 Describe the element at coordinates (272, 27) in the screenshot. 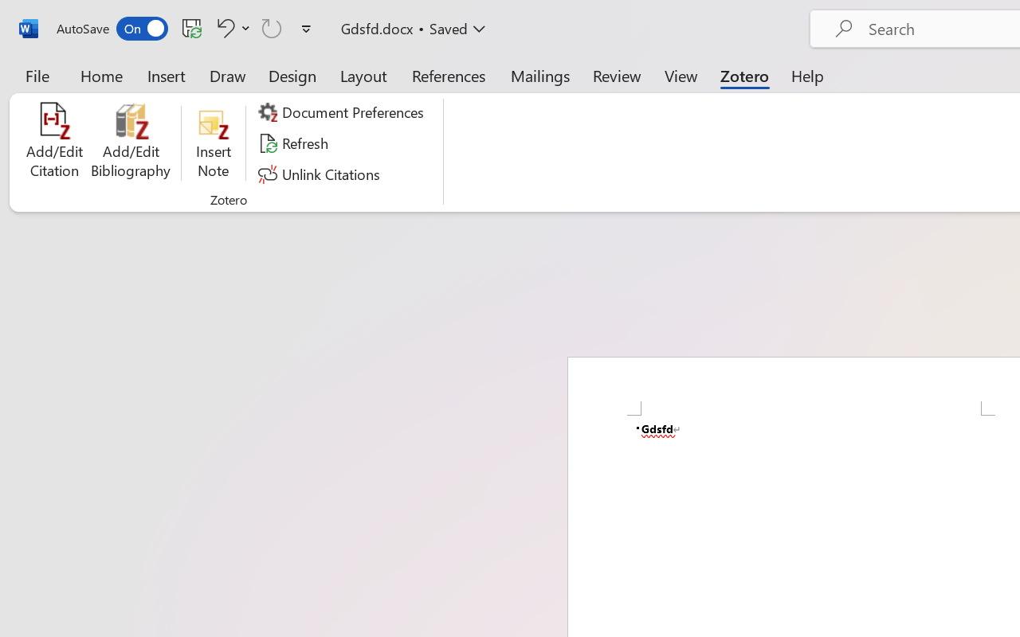

I see `'Can'` at that location.